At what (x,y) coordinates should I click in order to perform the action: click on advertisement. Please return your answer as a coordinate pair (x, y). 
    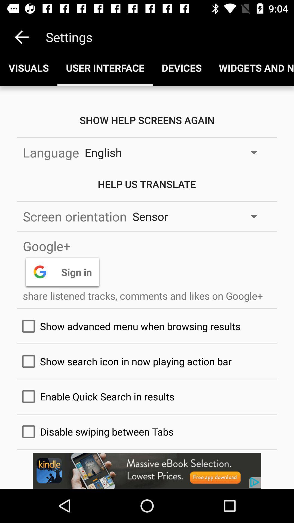
    Looking at the image, I should click on (147, 470).